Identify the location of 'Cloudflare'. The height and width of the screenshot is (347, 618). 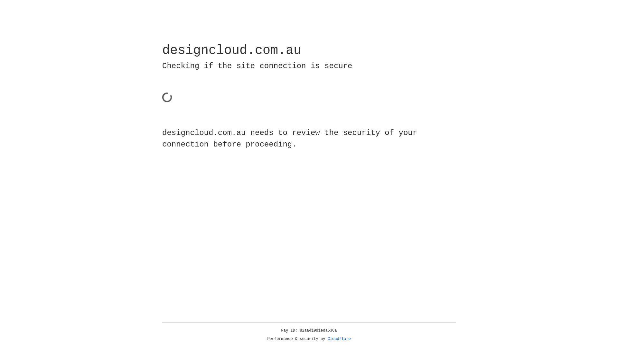
(339, 339).